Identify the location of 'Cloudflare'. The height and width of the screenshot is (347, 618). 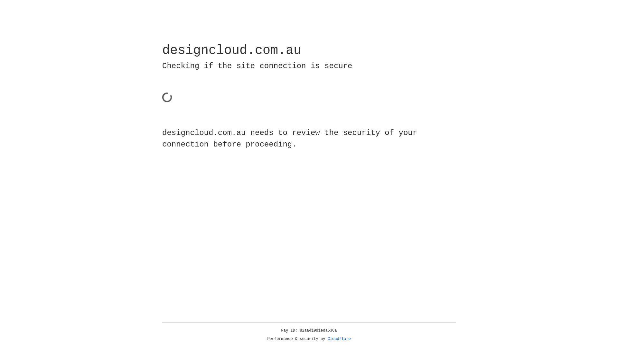
(339, 339).